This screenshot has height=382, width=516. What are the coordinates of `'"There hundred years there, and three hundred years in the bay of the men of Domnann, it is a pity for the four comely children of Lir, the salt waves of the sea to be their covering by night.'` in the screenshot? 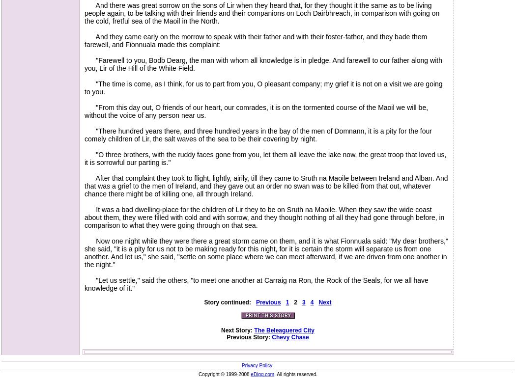 It's located at (258, 135).